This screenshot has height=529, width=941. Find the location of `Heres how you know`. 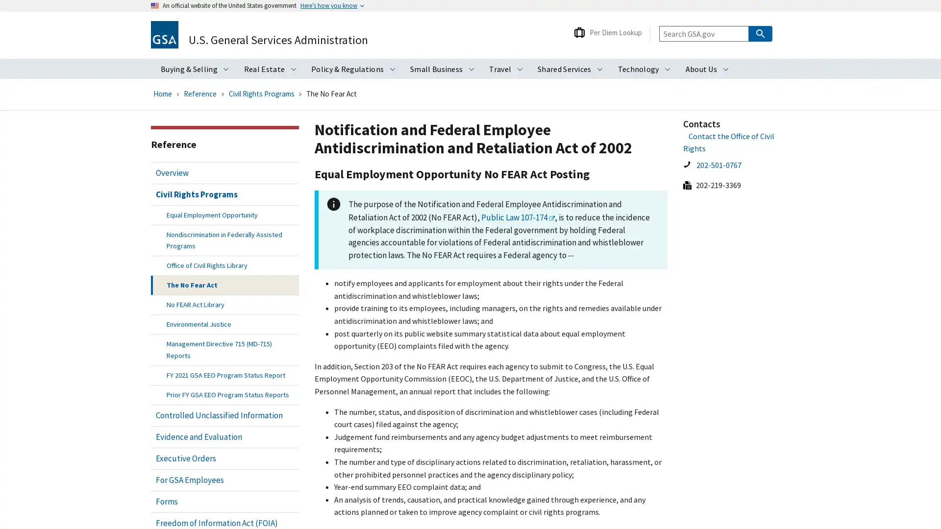

Heres how you know is located at coordinates (329, 5).